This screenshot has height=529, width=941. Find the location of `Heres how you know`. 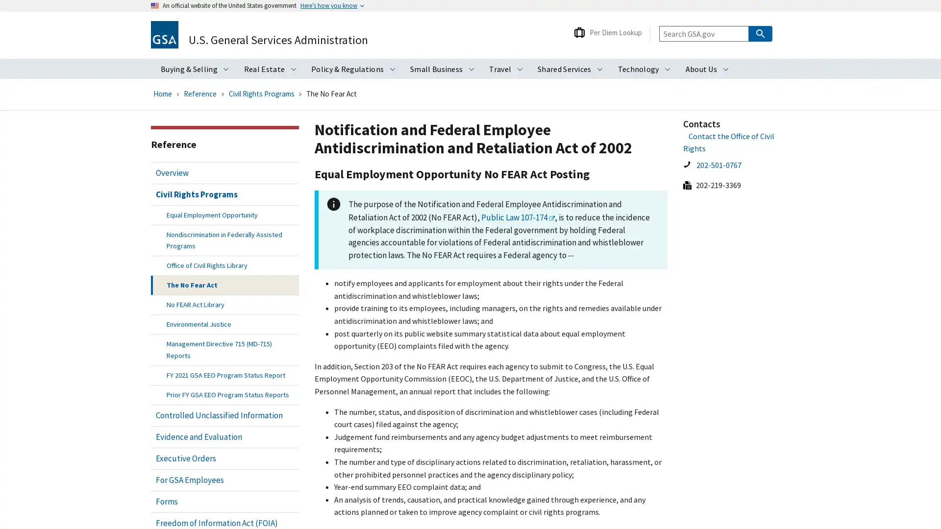

Heres how you know is located at coordinates (329, 5).